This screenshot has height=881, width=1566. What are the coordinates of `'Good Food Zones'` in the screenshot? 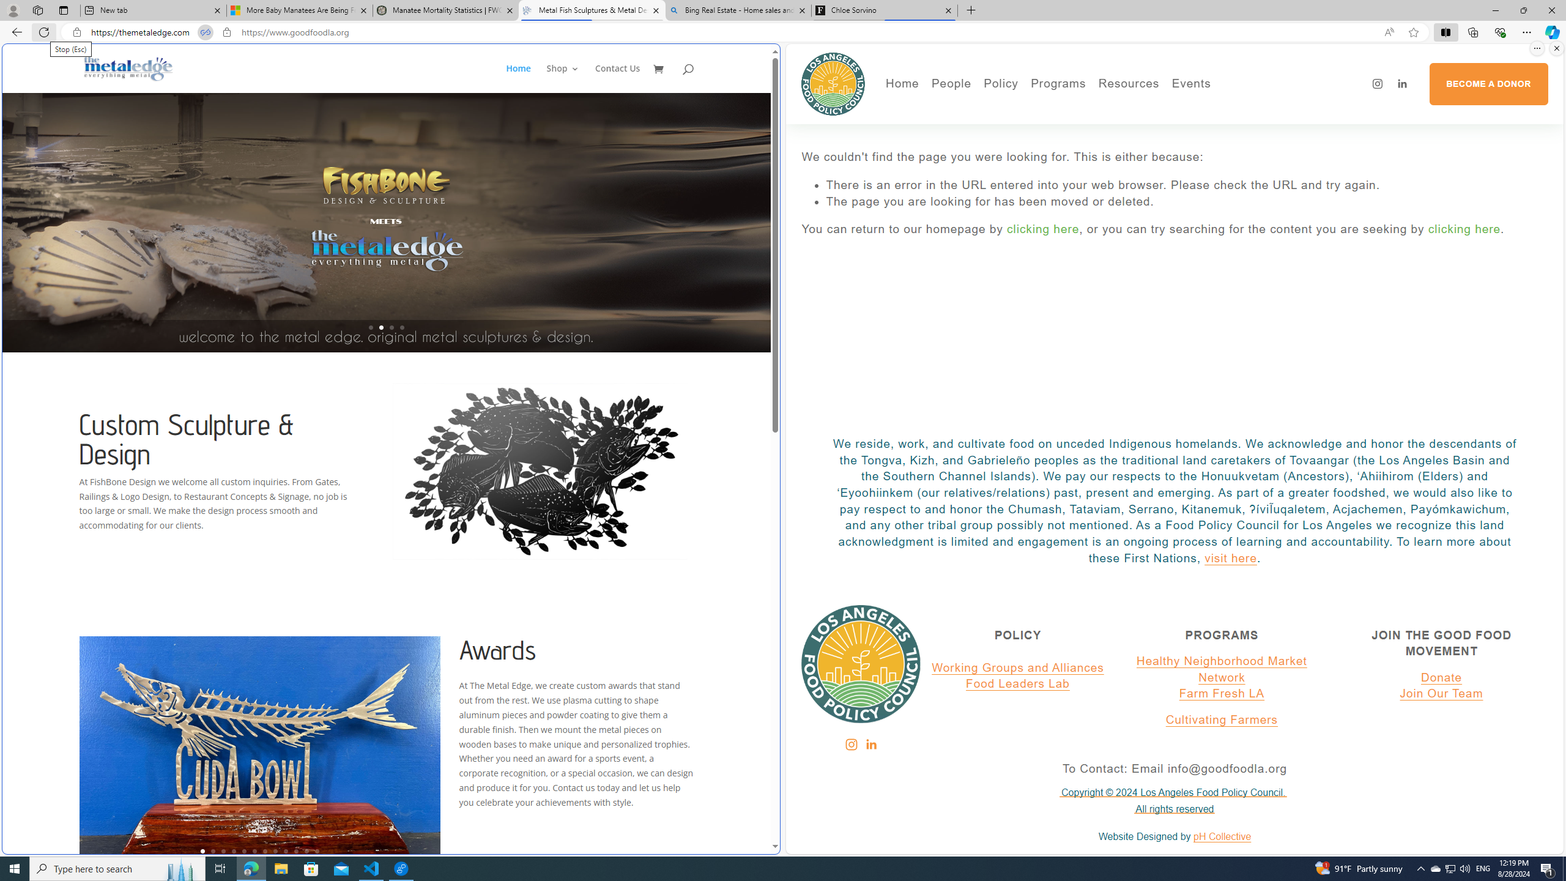 It's located at (1176, 108).